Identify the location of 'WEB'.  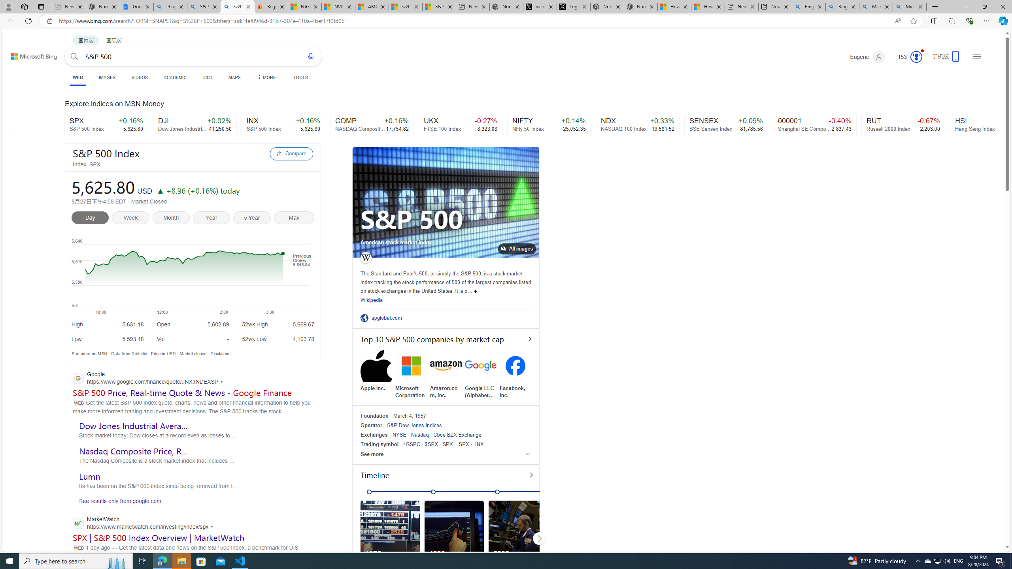
(77, 77).